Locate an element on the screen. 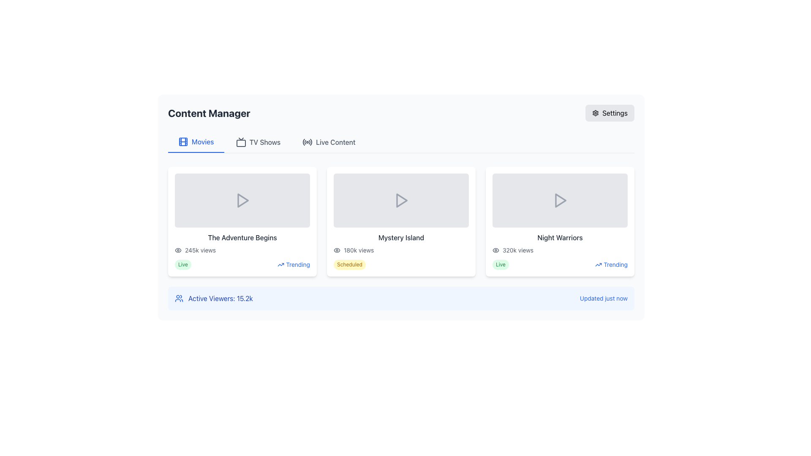 The width and height of the screenshot is (811, 456). the play button icon for initiating media playback associated with 'The Adventure Begins' is located at coordinates (242, 200).